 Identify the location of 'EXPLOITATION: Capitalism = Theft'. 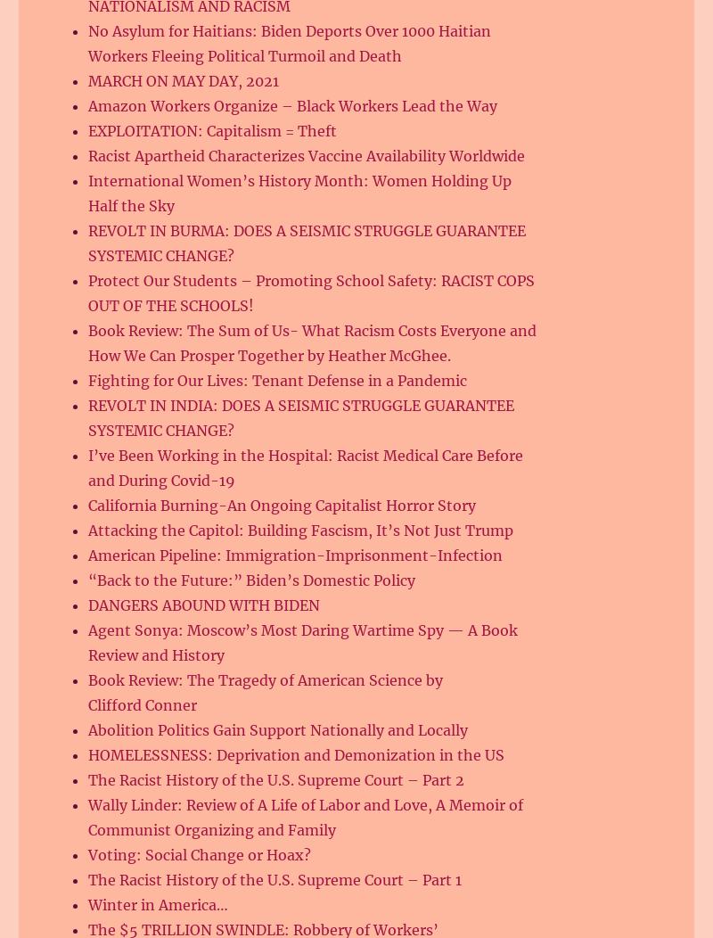
(211, 129).